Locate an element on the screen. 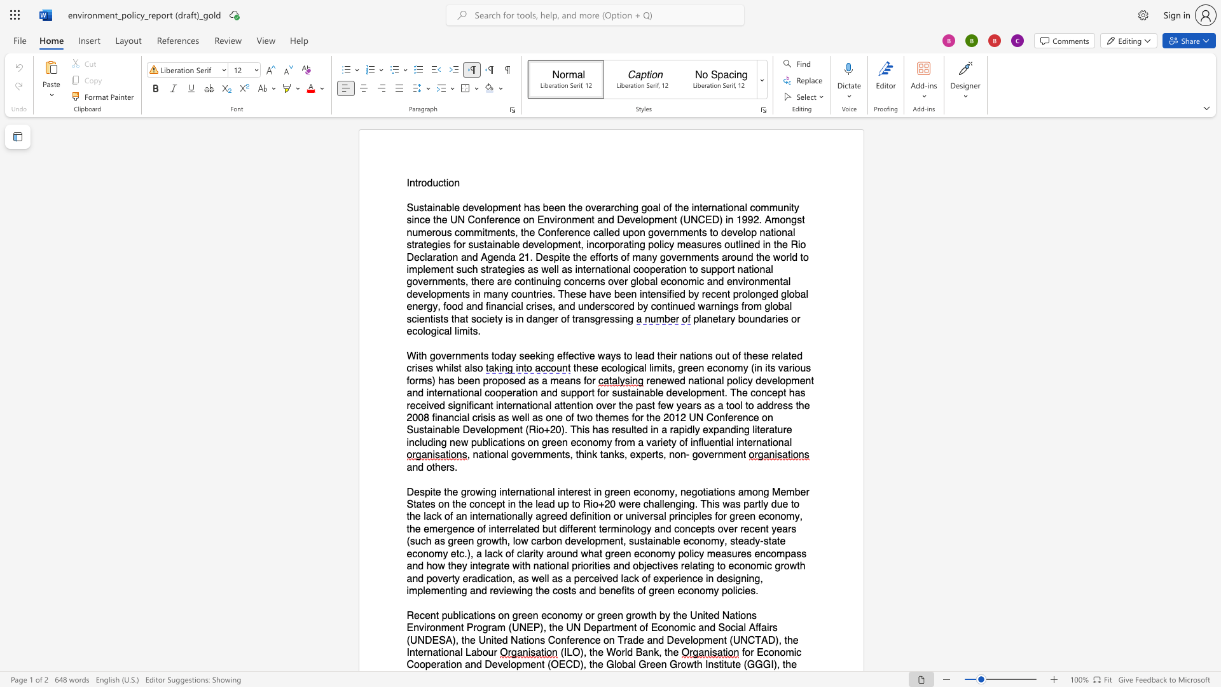 The height and width of the screenshot is (687, 1221). the 5th character "a" in the text is located at coordinates (655, 207).